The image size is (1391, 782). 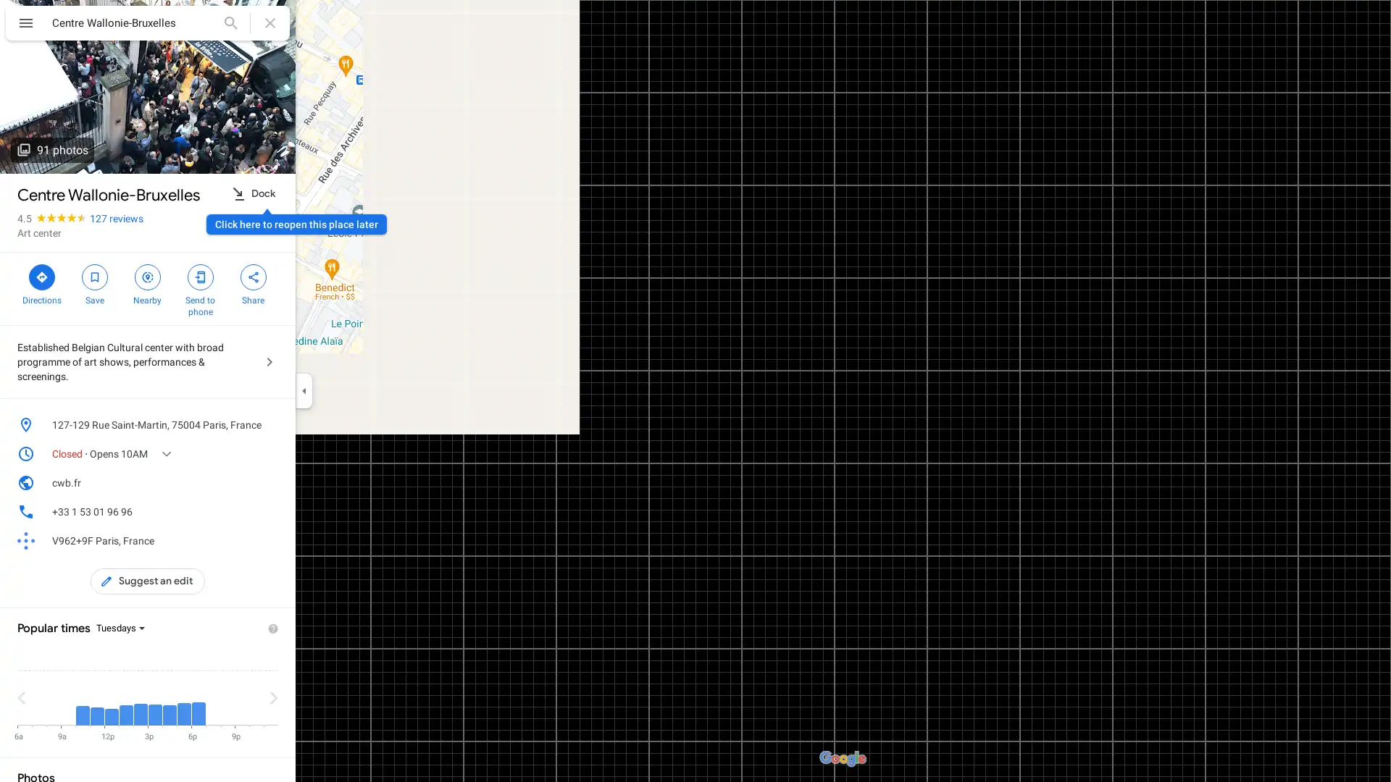 I want to click on Art center, so click(x=39, y=232).